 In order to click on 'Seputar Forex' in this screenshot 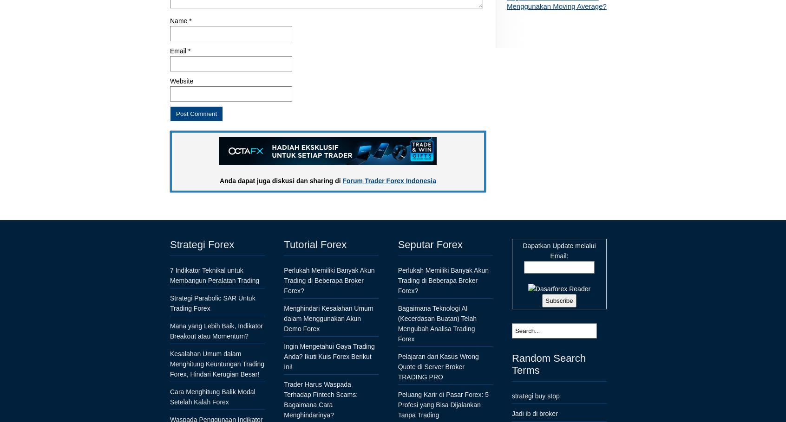, I will do `click(430, 243)`.